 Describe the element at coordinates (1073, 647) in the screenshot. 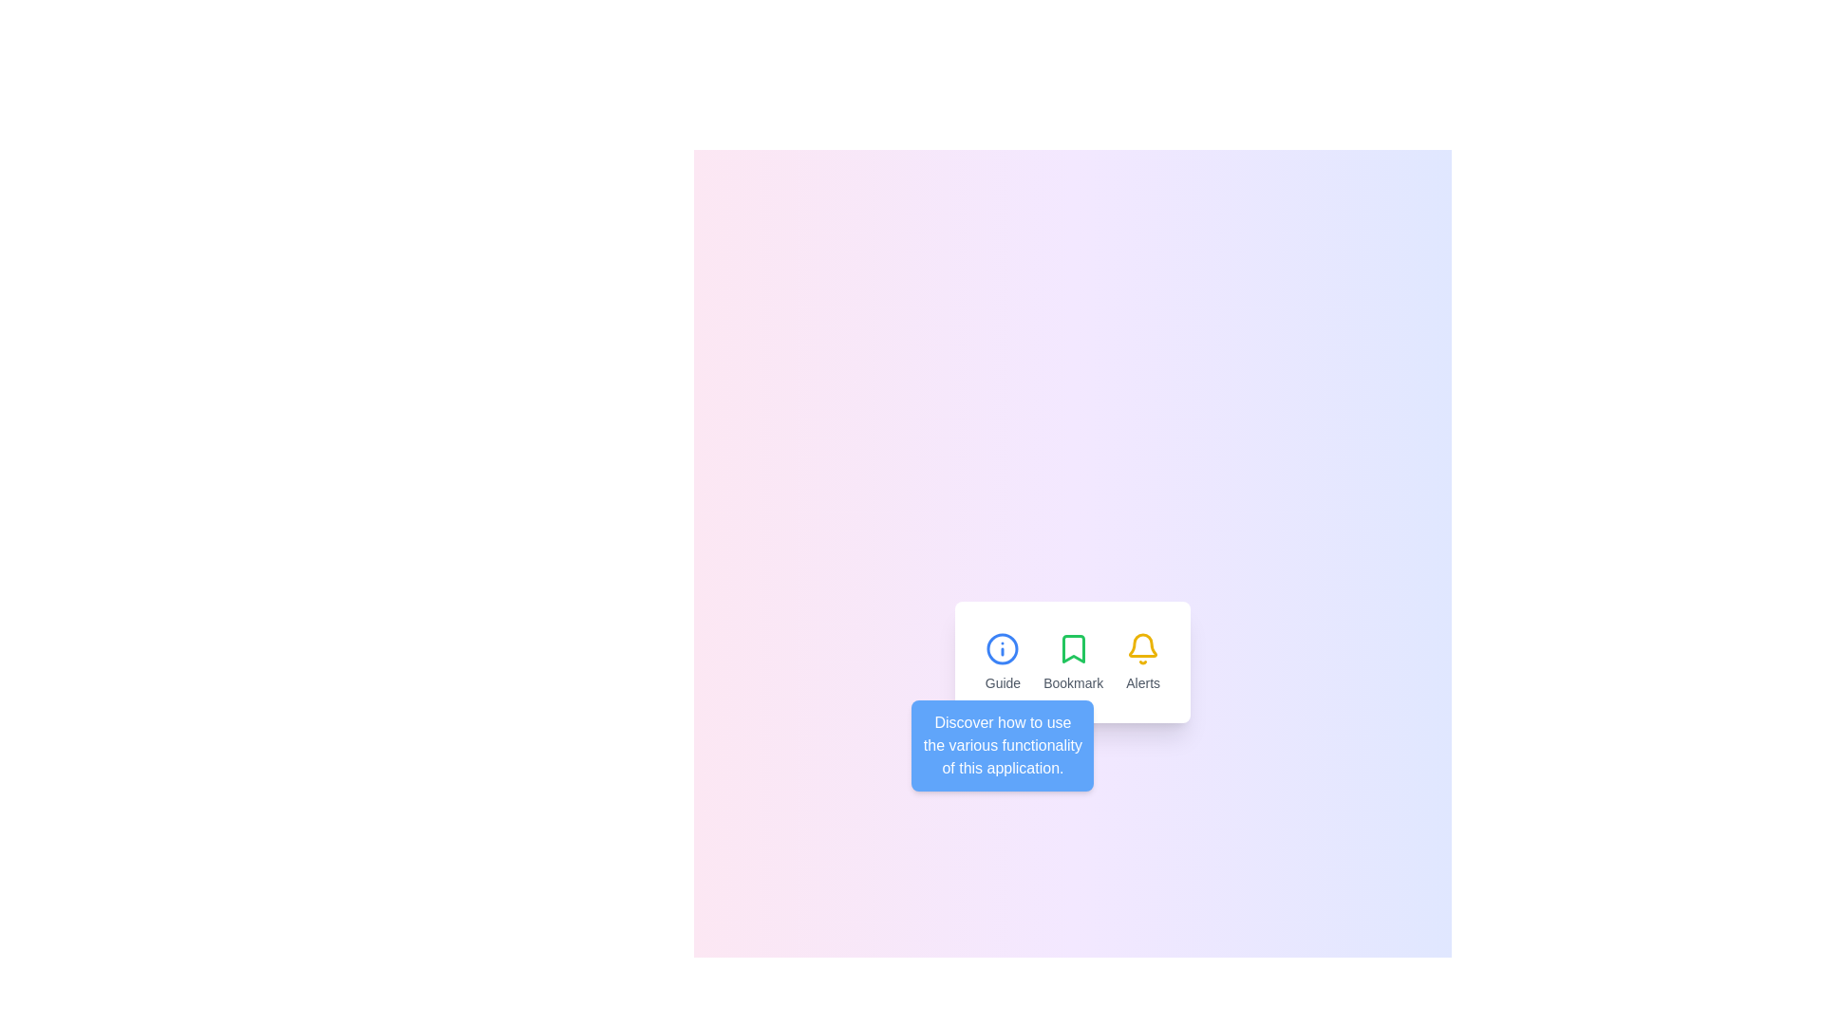

I see `the green bookmark icon, which is the second item in the horizontal navigation menu` at that location.